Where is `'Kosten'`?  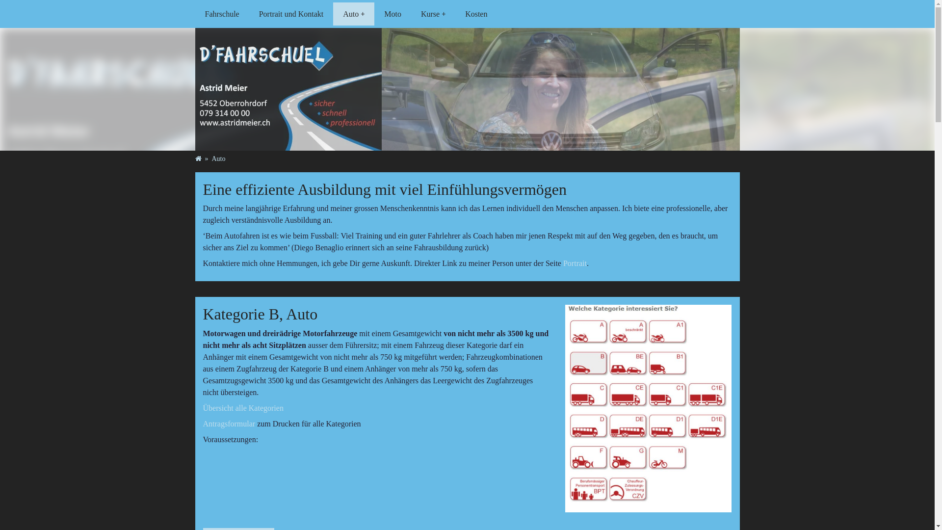 'Kosten' is located at coordinates (476, 14).